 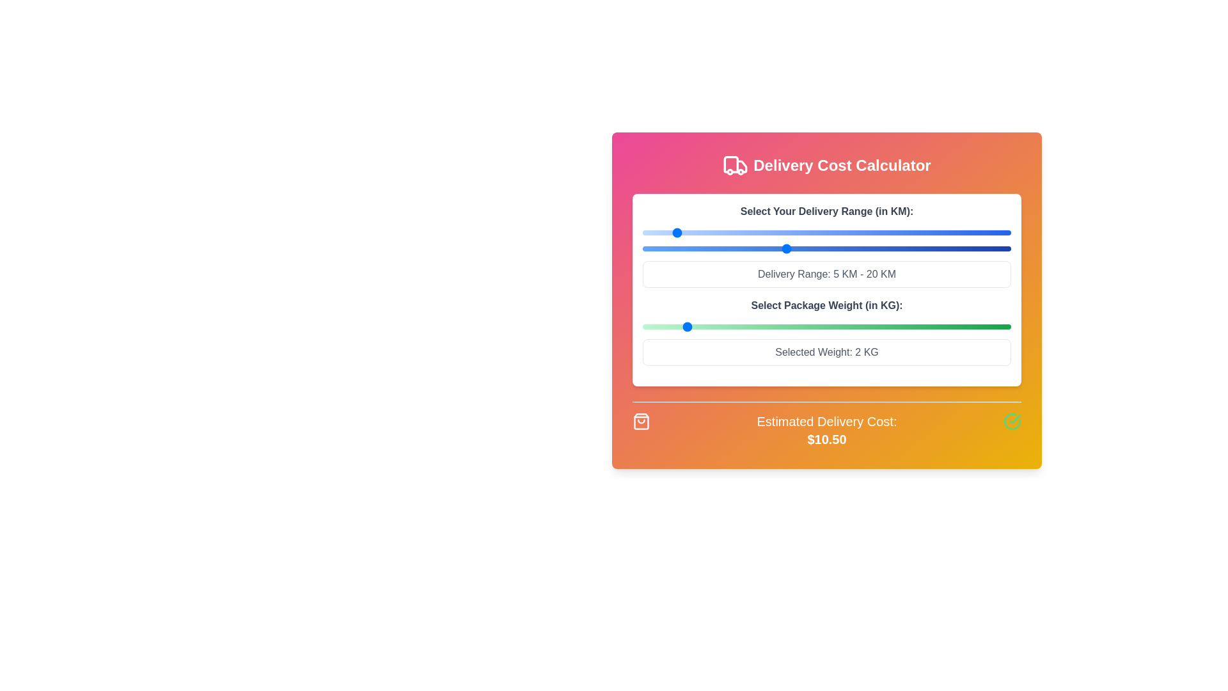 What do you see at coordinates (826, 438) in the screenshot?
I see `the Text Label displaying the amount '$10.50' in bold white font against an orange background, located below the 'Estimated Delivery Cost:' label` at bounding box center [826, 438].